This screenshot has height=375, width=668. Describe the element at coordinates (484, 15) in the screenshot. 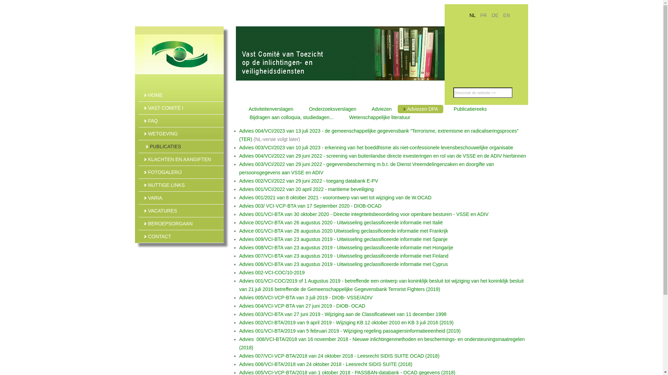

I see `'FR'` at that location.